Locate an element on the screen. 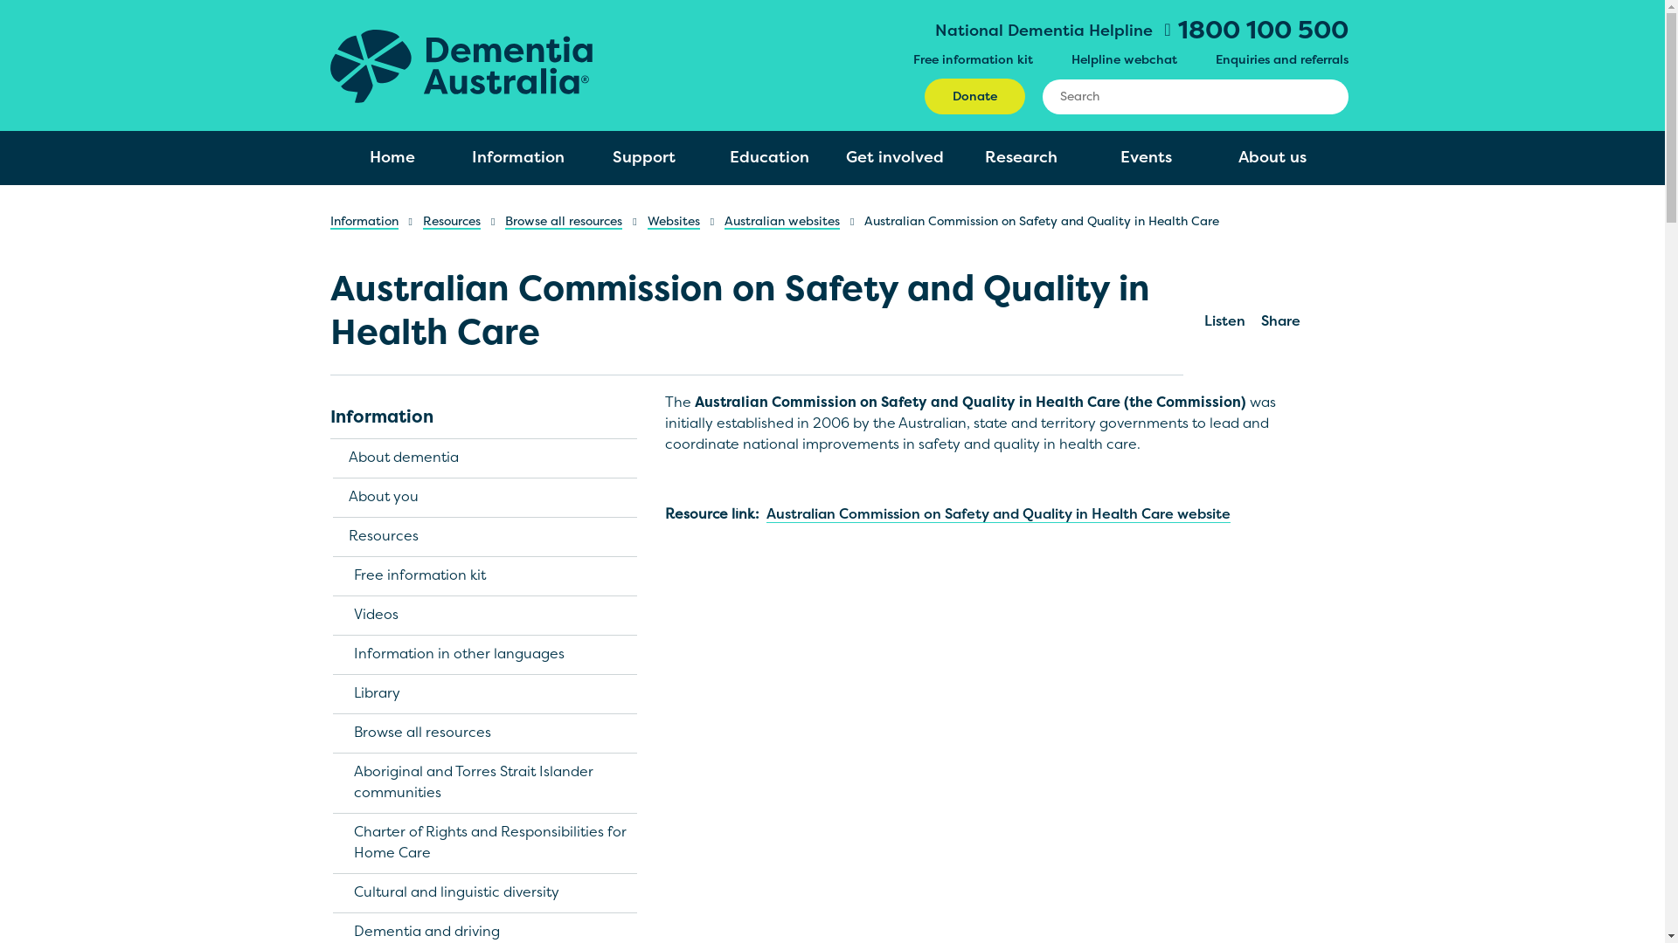 The height and width of the screenshot is (943, 1678). 'Browse all resources' is located at coordinates (563, 222).